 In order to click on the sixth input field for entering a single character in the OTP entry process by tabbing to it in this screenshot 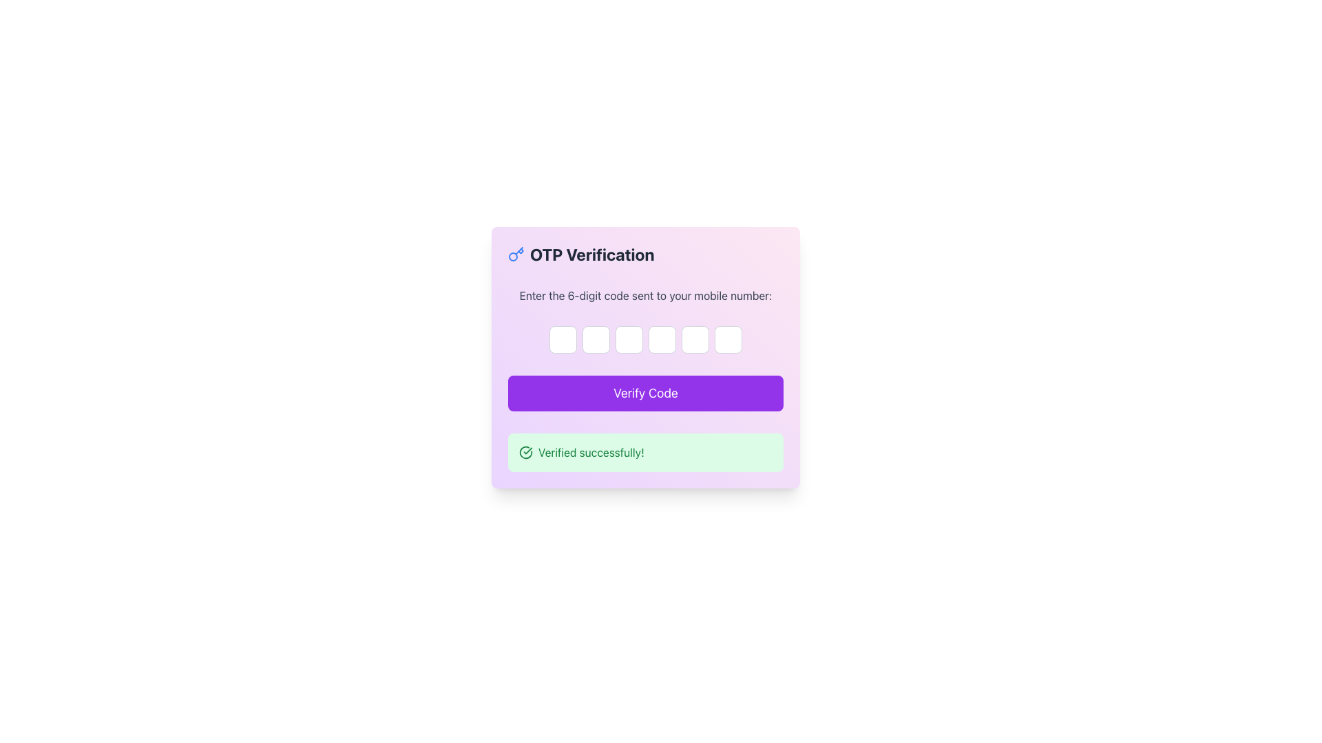, I will do `click(727, 339)`.